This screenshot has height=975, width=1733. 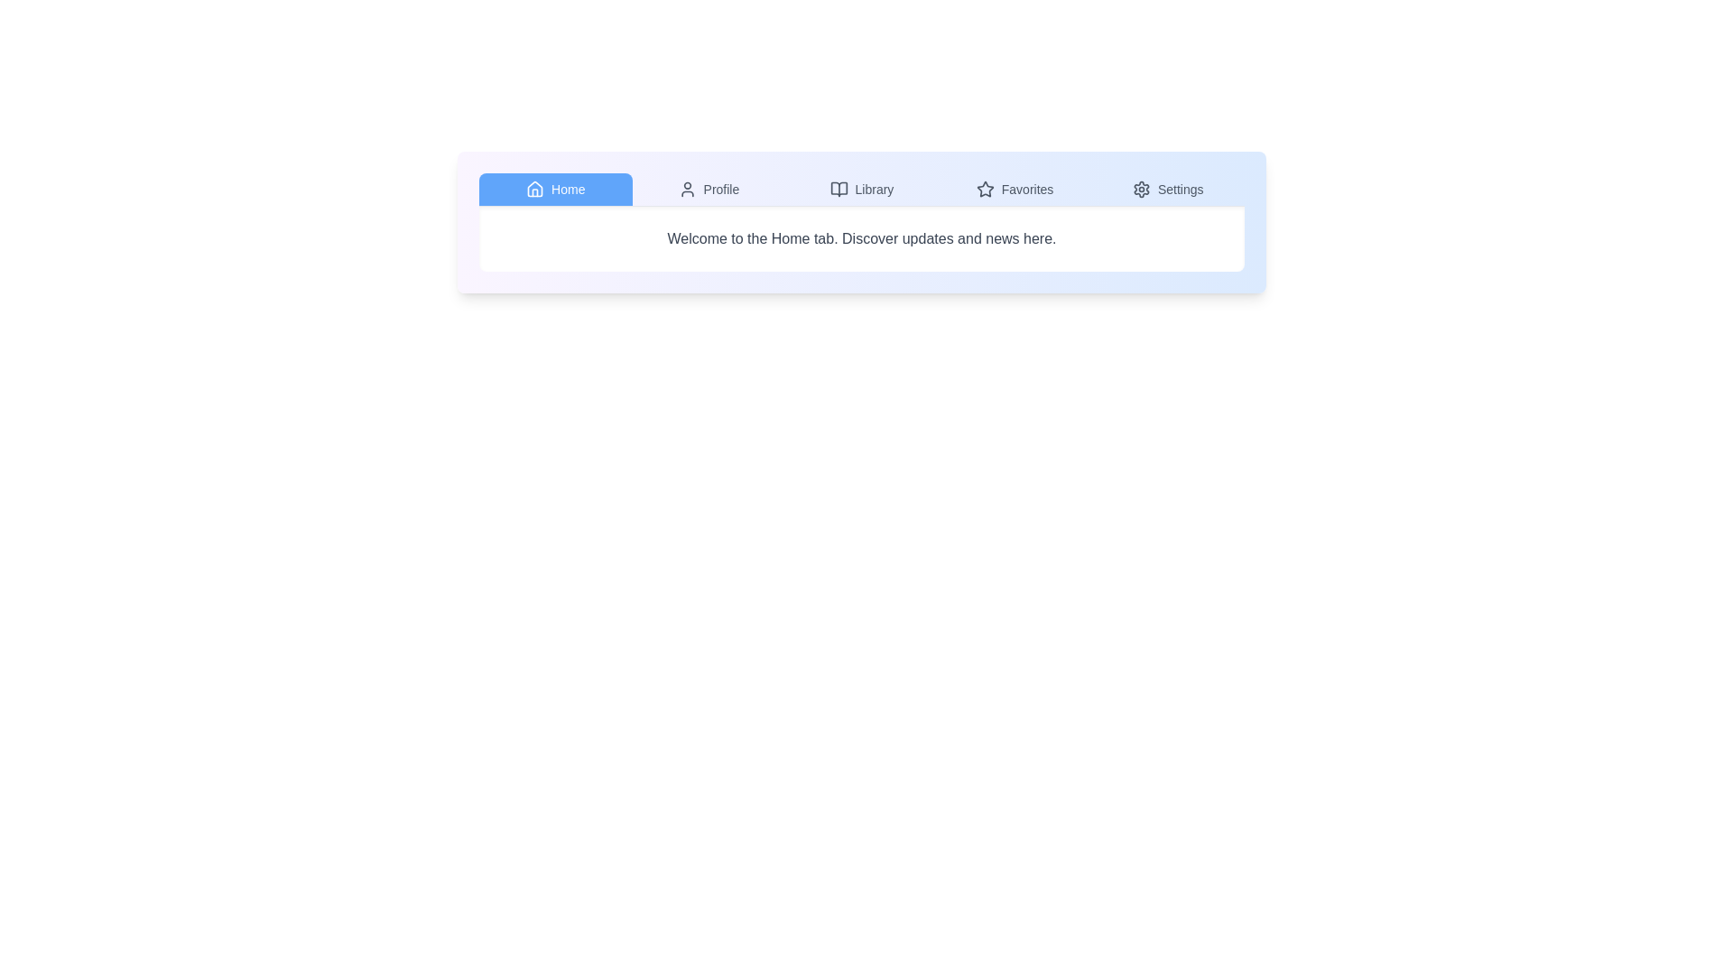 I want to click on the star-shaped icon that indicates the Favorites section in the navigation bar, so click(x=984, y=189).